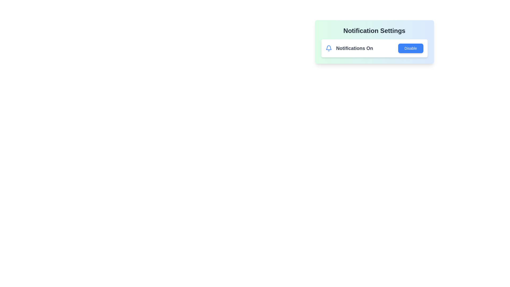 This screenshot has width=510, height=287. Describe the element at coordinates (410, 48) in the screenshot. I see `the 'Disable' button to toggle the notification setting` at that location.